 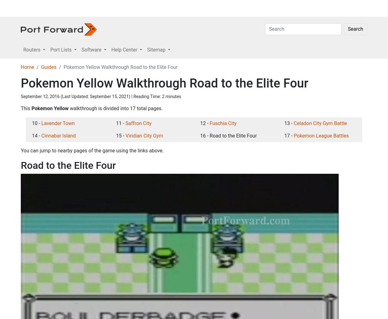 What do you see at coordinates (115, 238) in the screenshot?
I see `'walkthrough is divided into 17 total pages.'` at bounding box center [115, 238].